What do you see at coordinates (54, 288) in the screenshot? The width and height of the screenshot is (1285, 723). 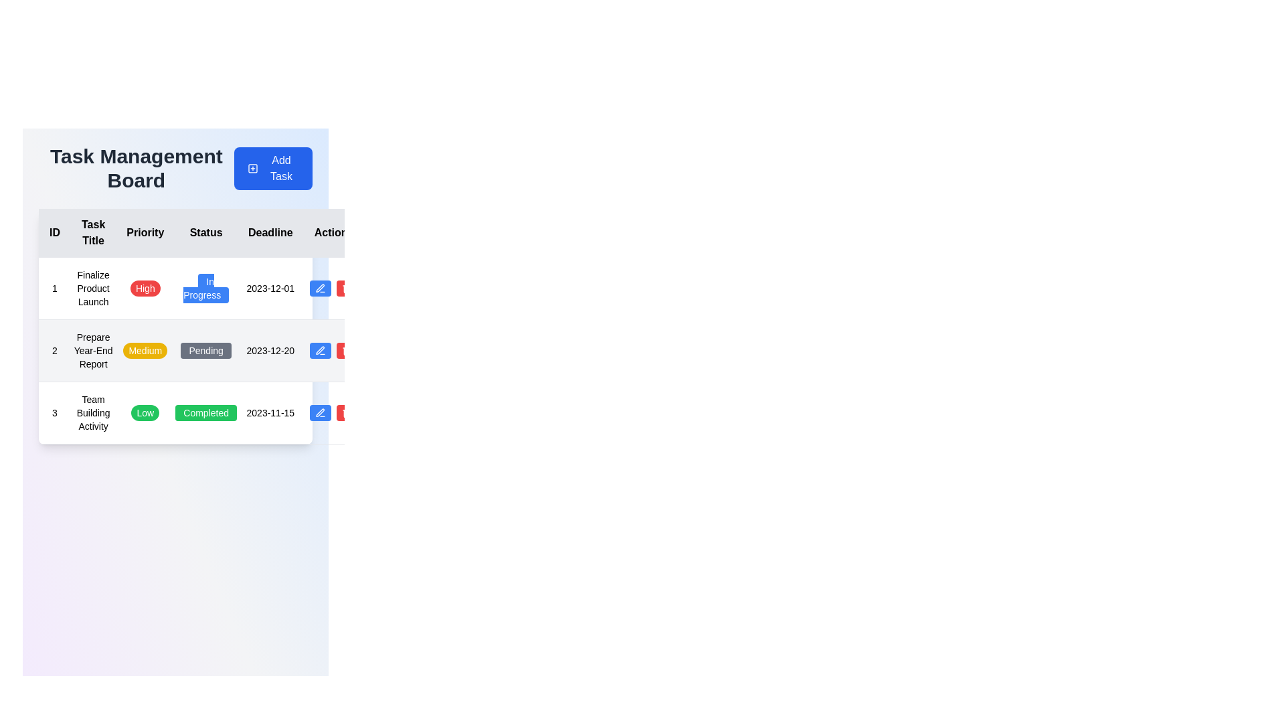 I see `the Text label that uniquely identifies the task 'Finalize Product Launch', which is the first cell in the 'ID' column of the table` at bounding box center [54, 288].